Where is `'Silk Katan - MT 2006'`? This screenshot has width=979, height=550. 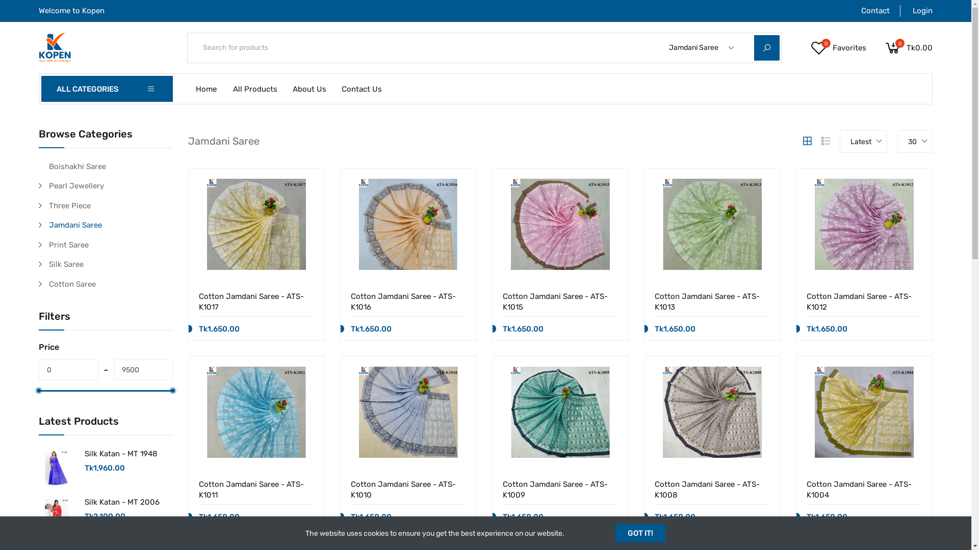 'Silk Katan - MT 2006' is located at coordinates (122, 502).